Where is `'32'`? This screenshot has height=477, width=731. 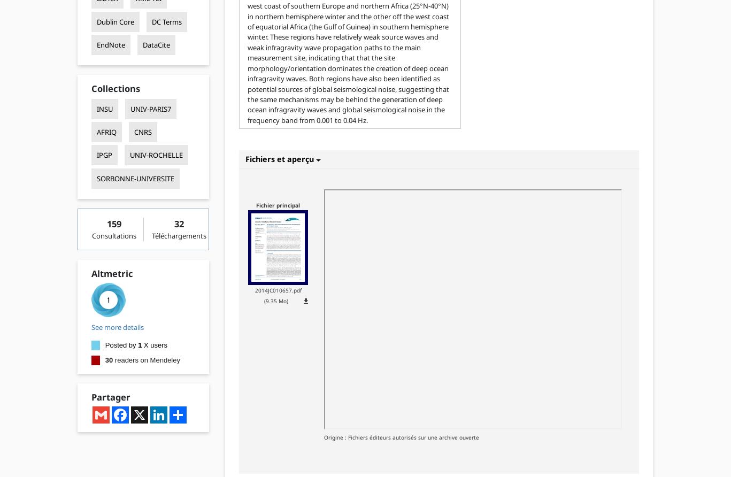
'32' is located at coordinates (179, 222).